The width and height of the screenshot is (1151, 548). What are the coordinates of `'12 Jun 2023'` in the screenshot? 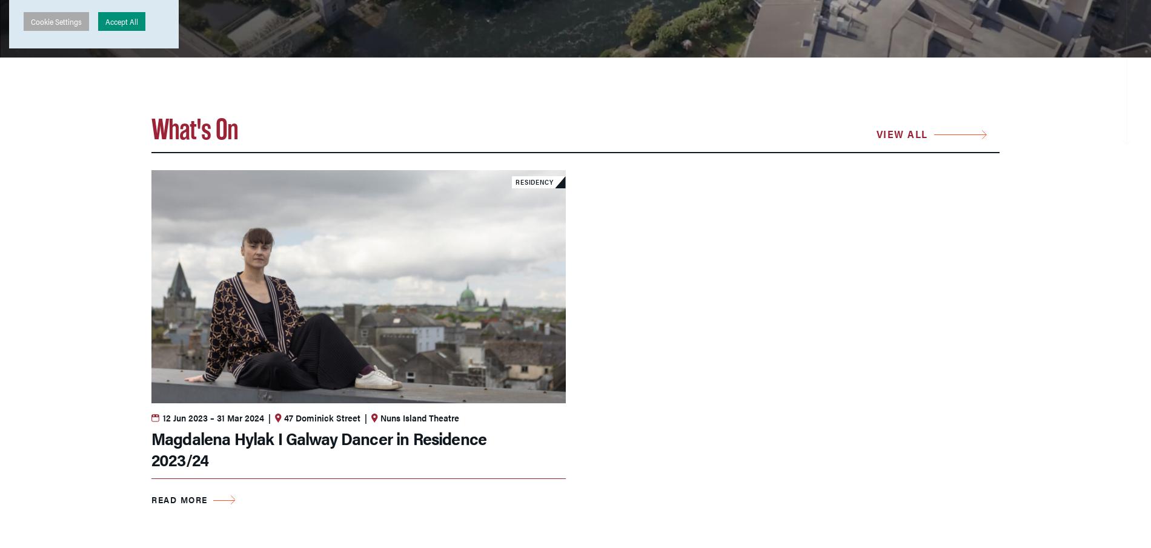 It's located at (185, 417).